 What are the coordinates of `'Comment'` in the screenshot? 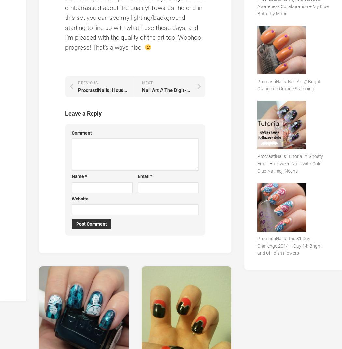 It's located at (71, 133).